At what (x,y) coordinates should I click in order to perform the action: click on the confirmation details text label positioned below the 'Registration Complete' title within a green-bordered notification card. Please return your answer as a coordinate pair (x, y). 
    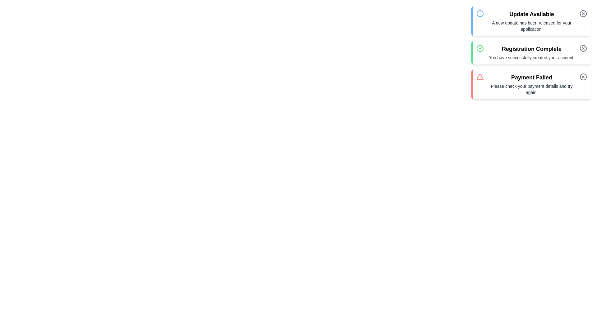
    Looking at the image, I should click on (531, 57).